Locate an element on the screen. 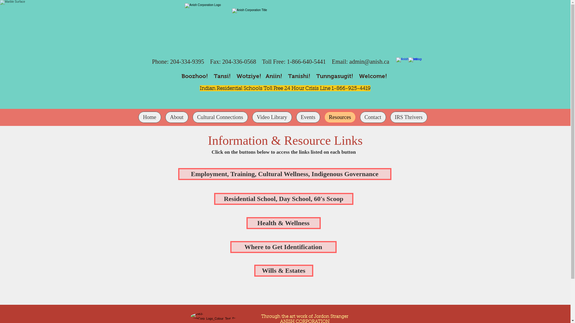 Image resolution: width=575 pixels, height=323 pixels. 'admin@anish.ca' is located at coordinates (369, 61).